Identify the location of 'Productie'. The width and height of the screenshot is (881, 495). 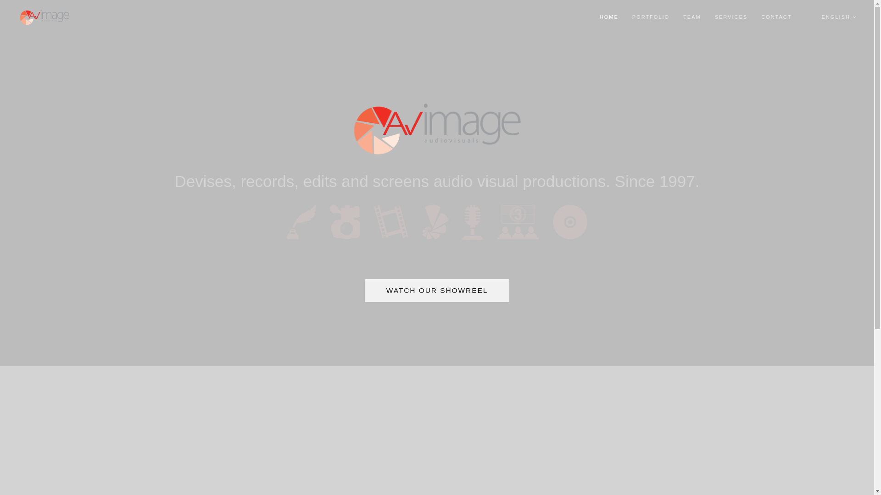
(344, 221).